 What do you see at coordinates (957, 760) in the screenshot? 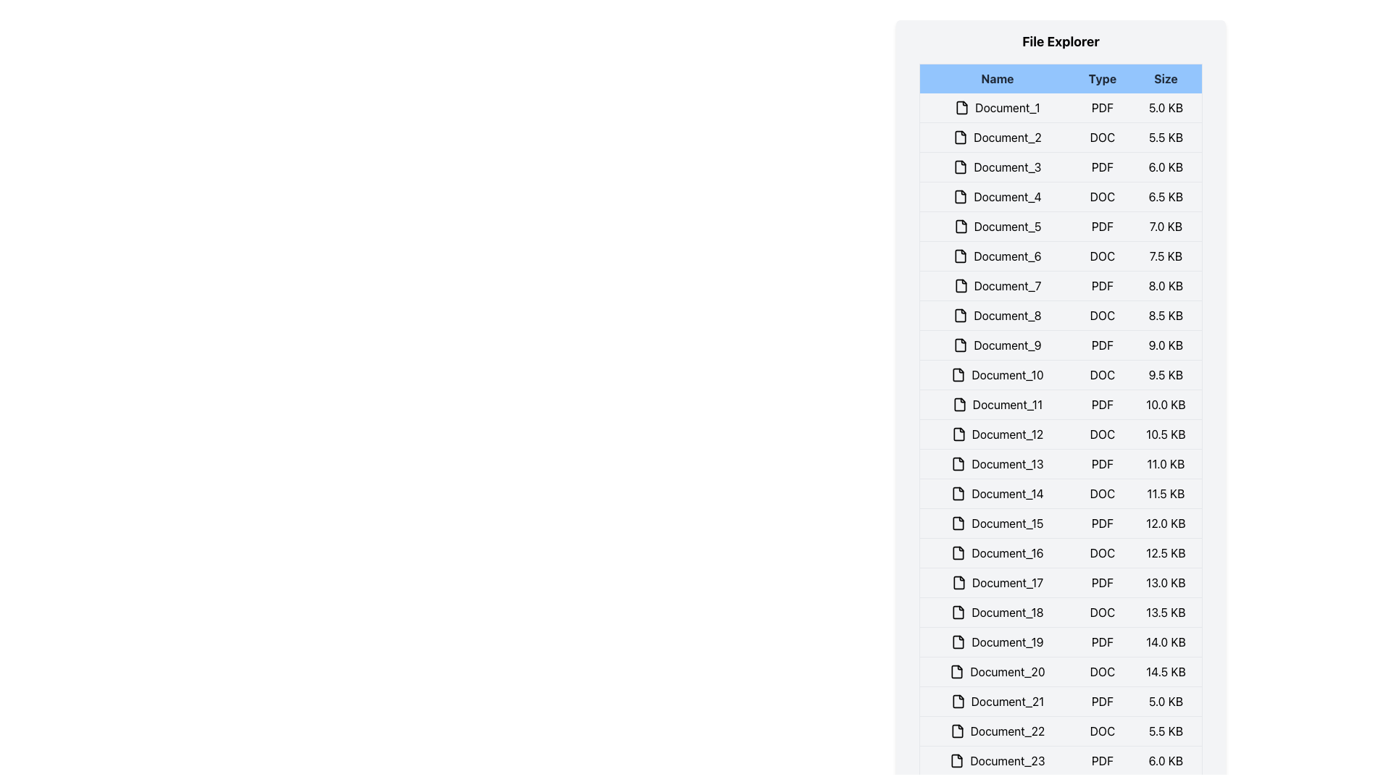
I see `the document icon representing 'Document_23', which is located at the left side of the list entry containing the text 'Document_23'` at bounding box center [957, 760].